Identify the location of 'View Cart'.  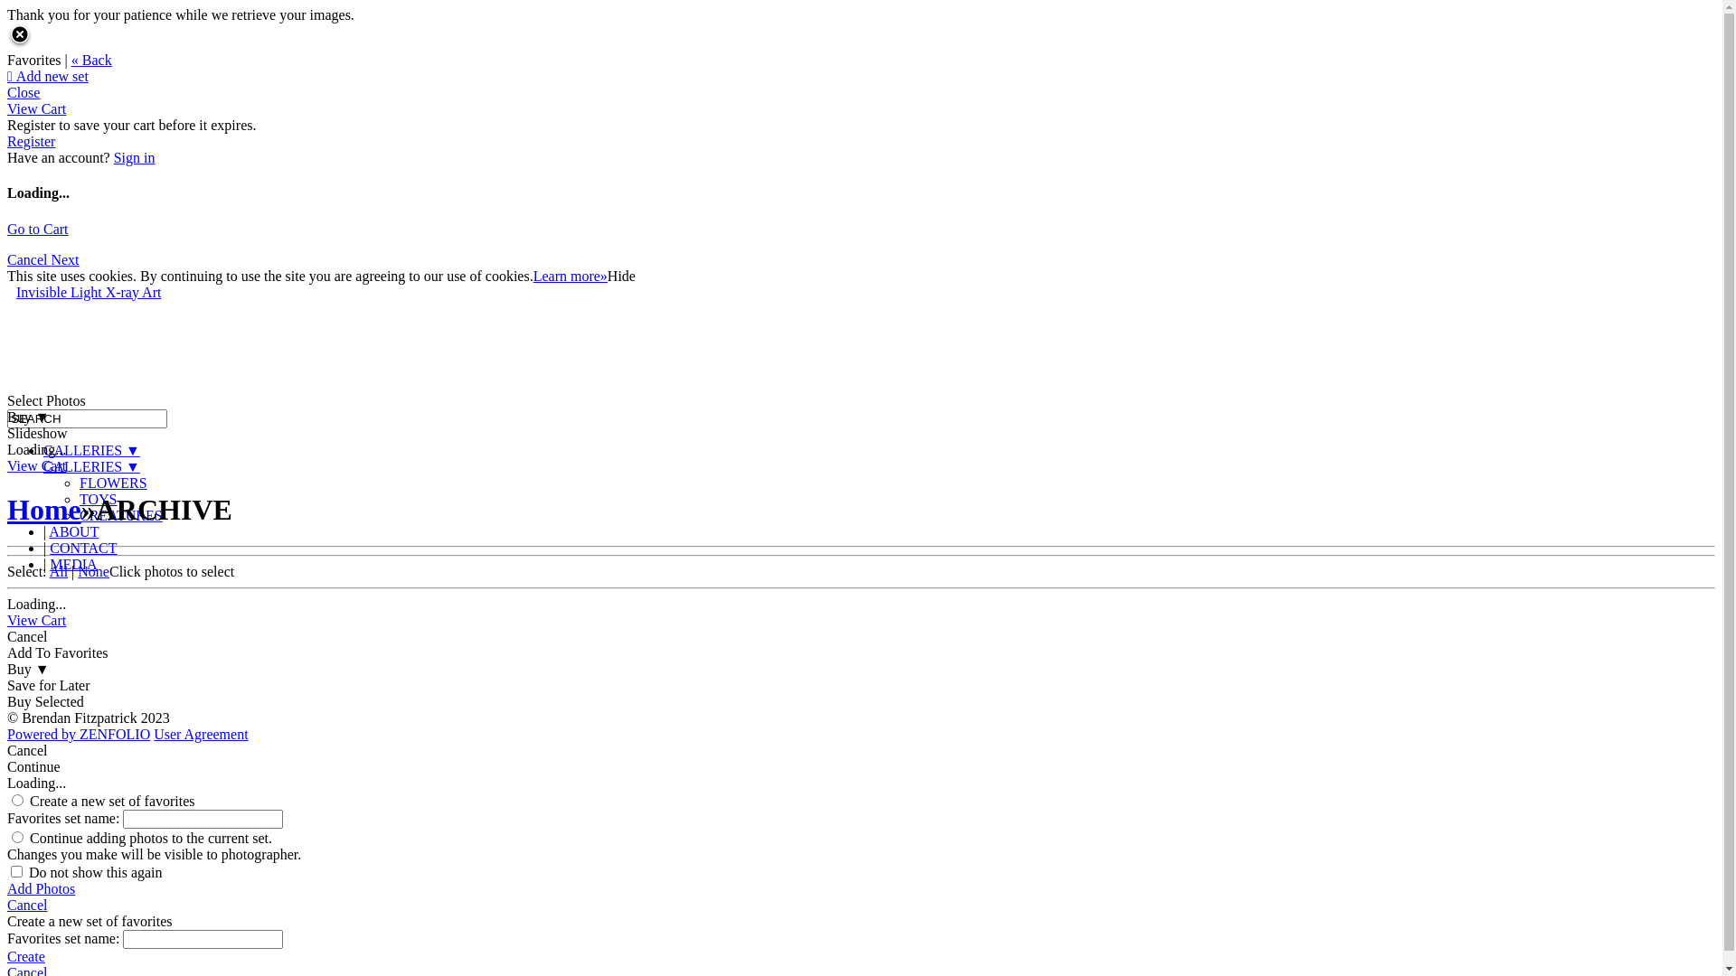
(36, 108).